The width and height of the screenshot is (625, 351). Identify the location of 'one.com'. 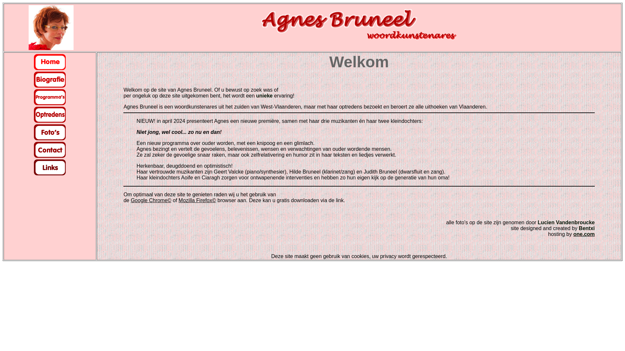
(584, 234).